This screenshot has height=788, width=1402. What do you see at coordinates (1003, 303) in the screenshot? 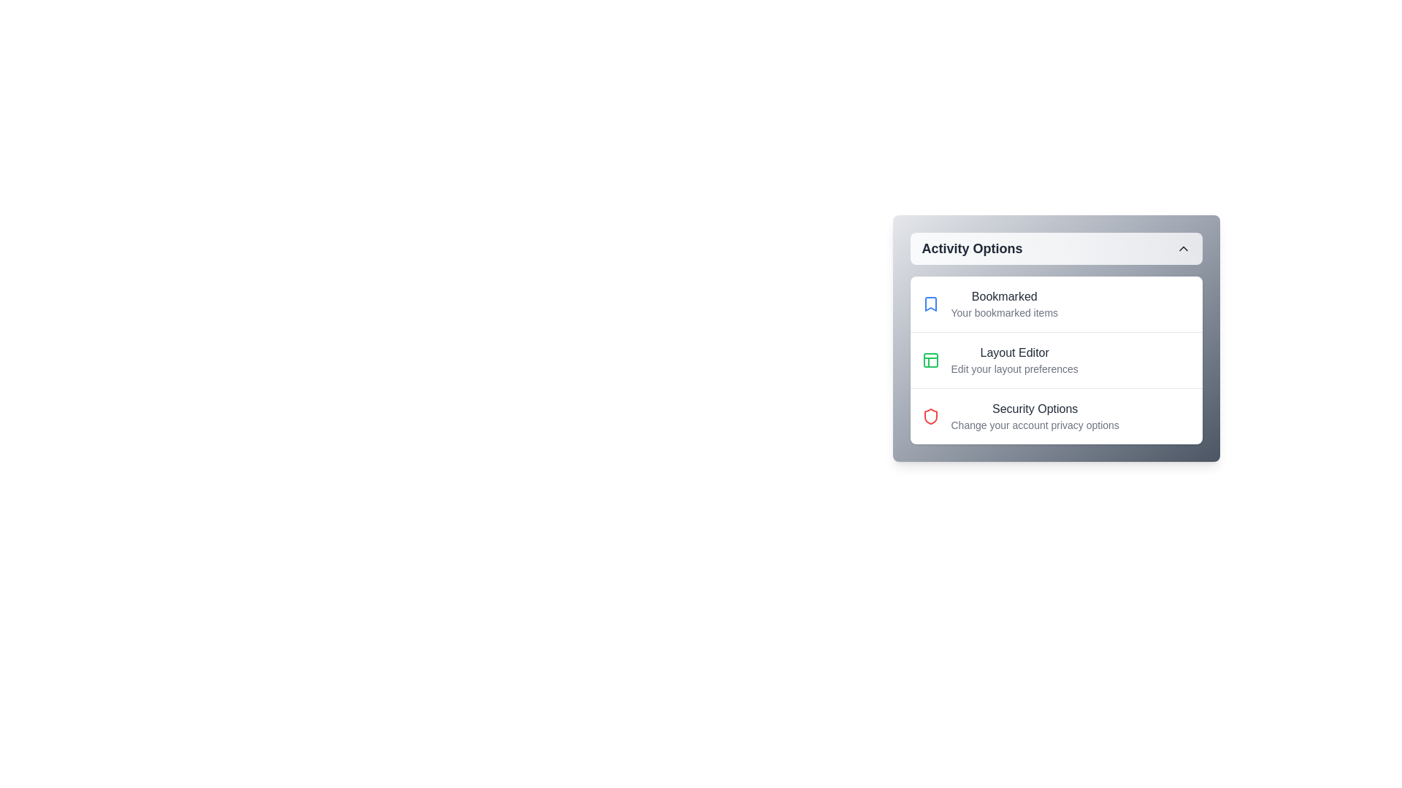
I see `text content of the navigation label for bookmarks located in the upper section of the 'Activity Options' menu, directly below the bookmark icon` at bounding box center [1003, 303].